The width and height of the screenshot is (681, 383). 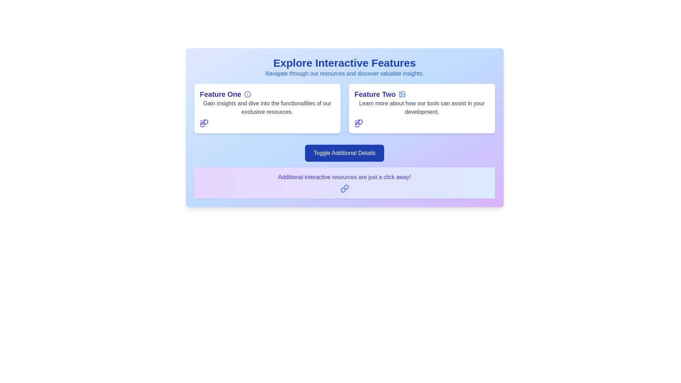 What do you see at coordinates (344, 108) in the screenshot?
I see `the grid layout containing two panels, labeled 'Feature One' and 'Feature Two'` at bounding box center [344, 108].